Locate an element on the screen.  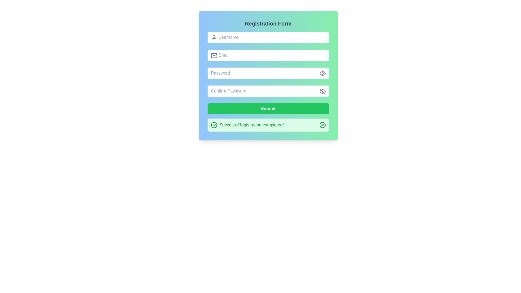
the green circular icon with a checkmark, which is the first item to the left in the notification message box located below the 'Submit' button is located at coordinates (214, 125).